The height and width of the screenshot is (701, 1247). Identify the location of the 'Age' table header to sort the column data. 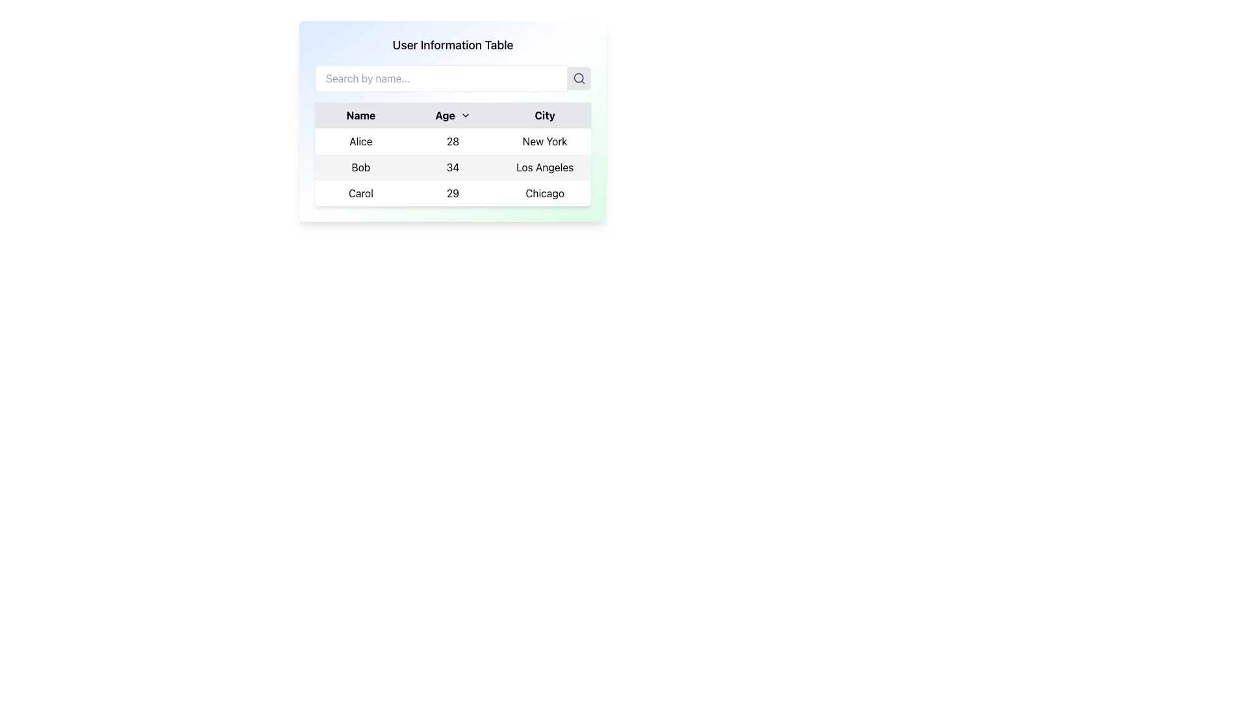
(453, 121).